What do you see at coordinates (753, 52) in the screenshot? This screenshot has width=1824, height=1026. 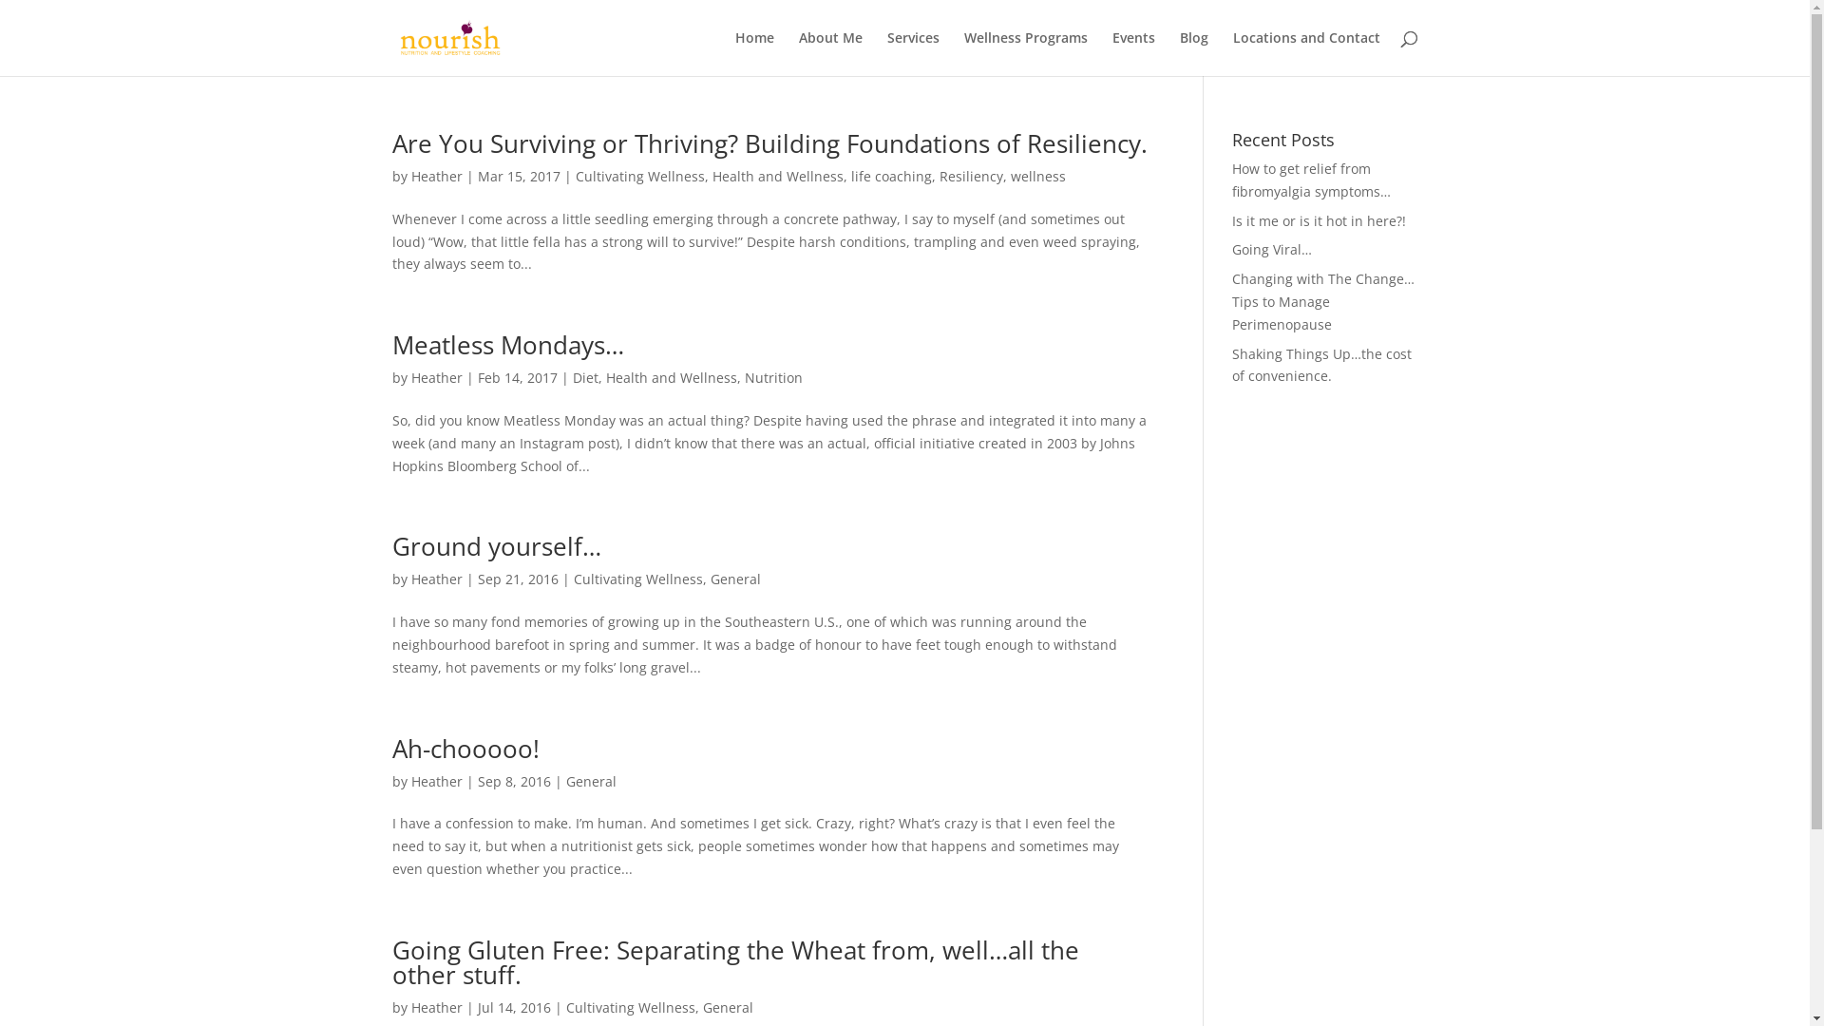 I see `'Home'` at bounding box center [753, 52].